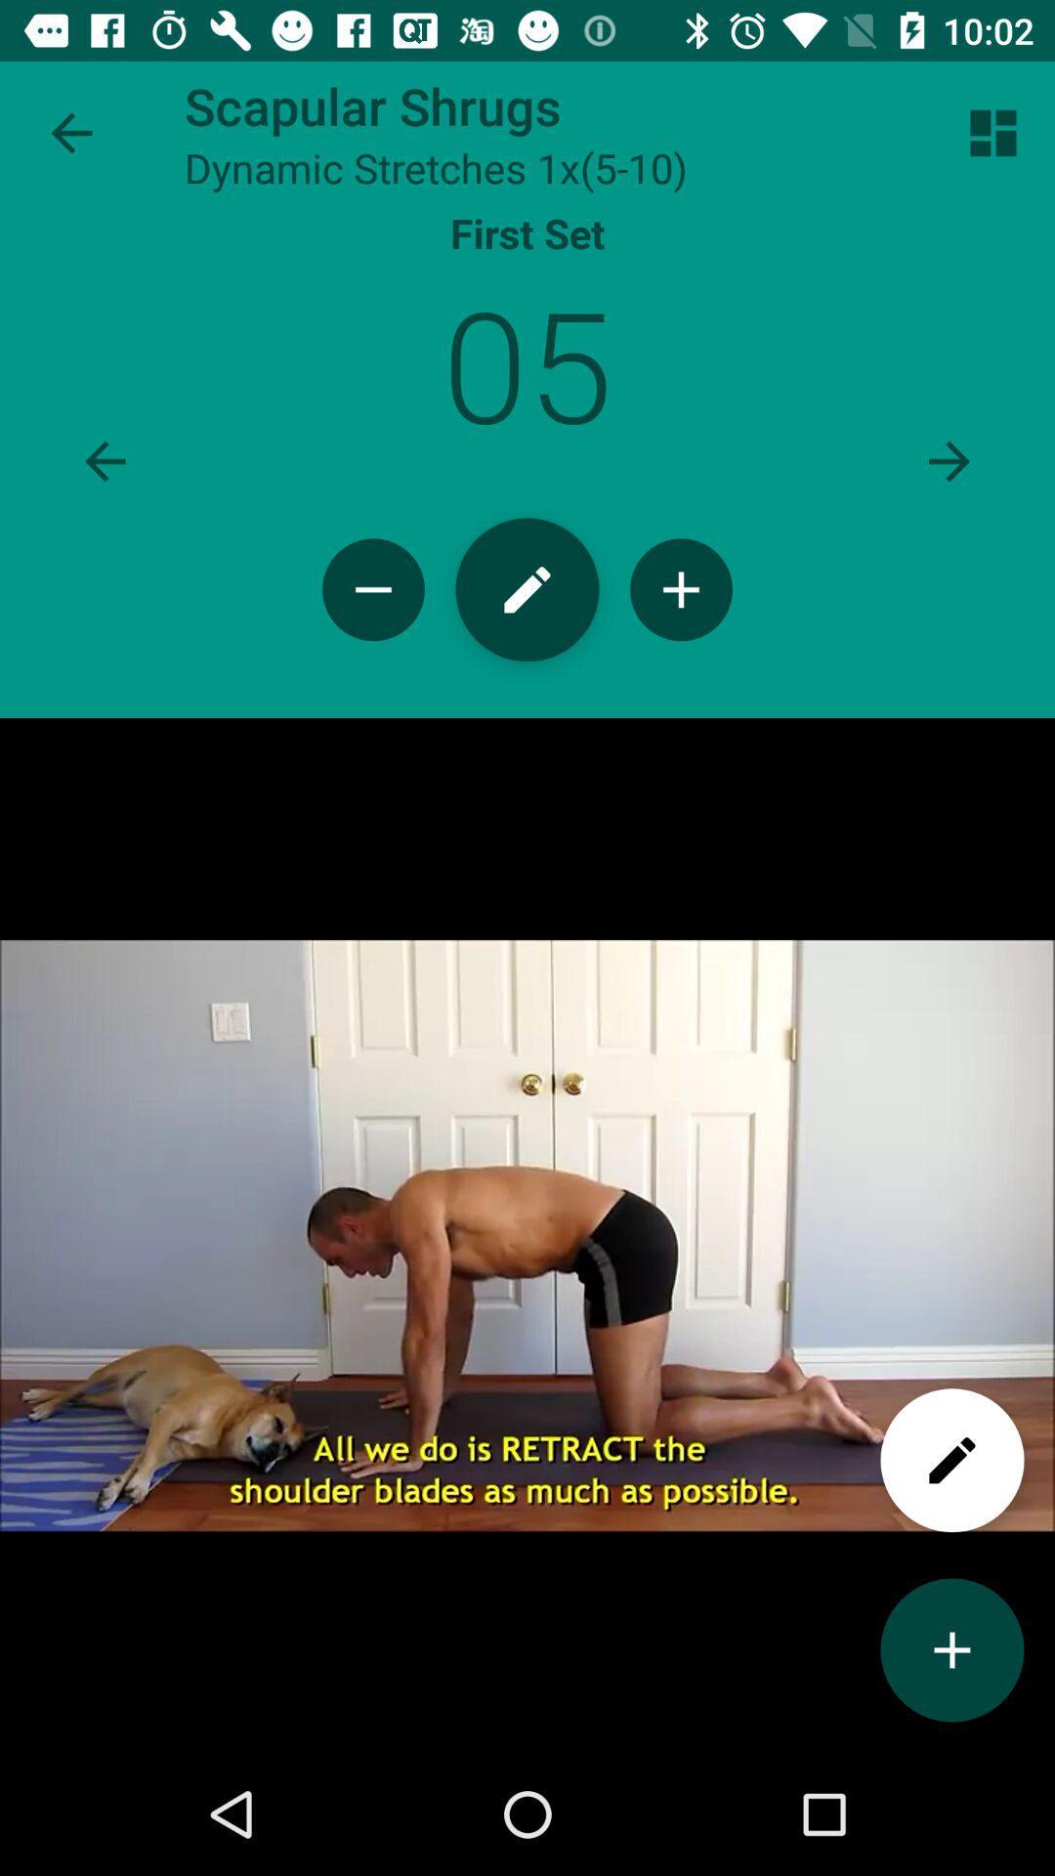 This screenshot has height=1876, width=1055. I want to click on add option, so click(951, 1649).